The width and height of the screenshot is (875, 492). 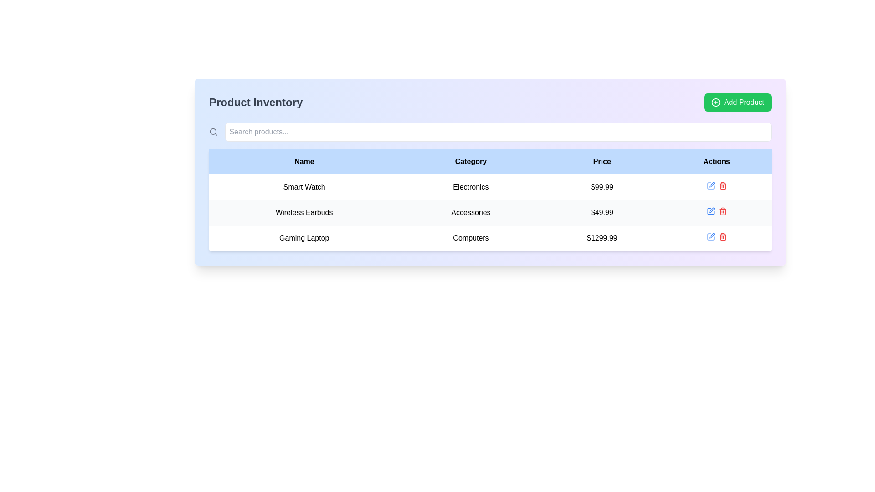 What do you see at coordinates (255, 102) in the screenshot?
I see `the 'Product Inventory' text label, which serves as a heading indicating the current section or page context to the user` at bounding box center [255, 102].